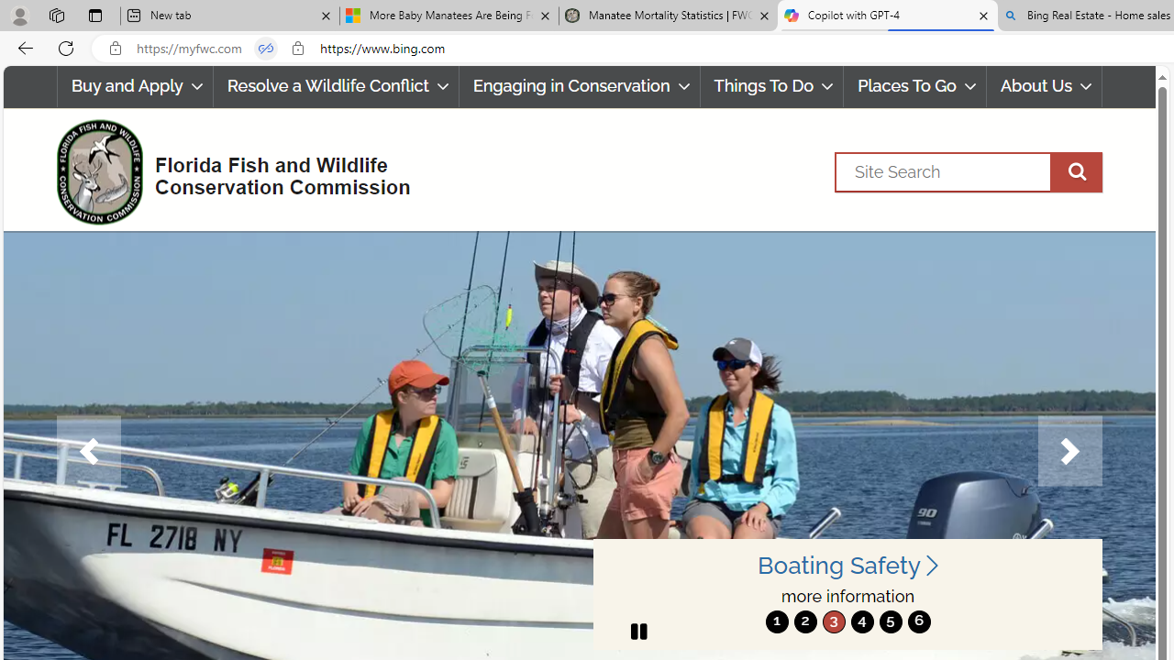 The height and width of the screenshot is (660, 1174). What do you see at coordinates (777, 621) in the screenshot?
I see `'move to slide 1'` at bounding box center [777, 621].